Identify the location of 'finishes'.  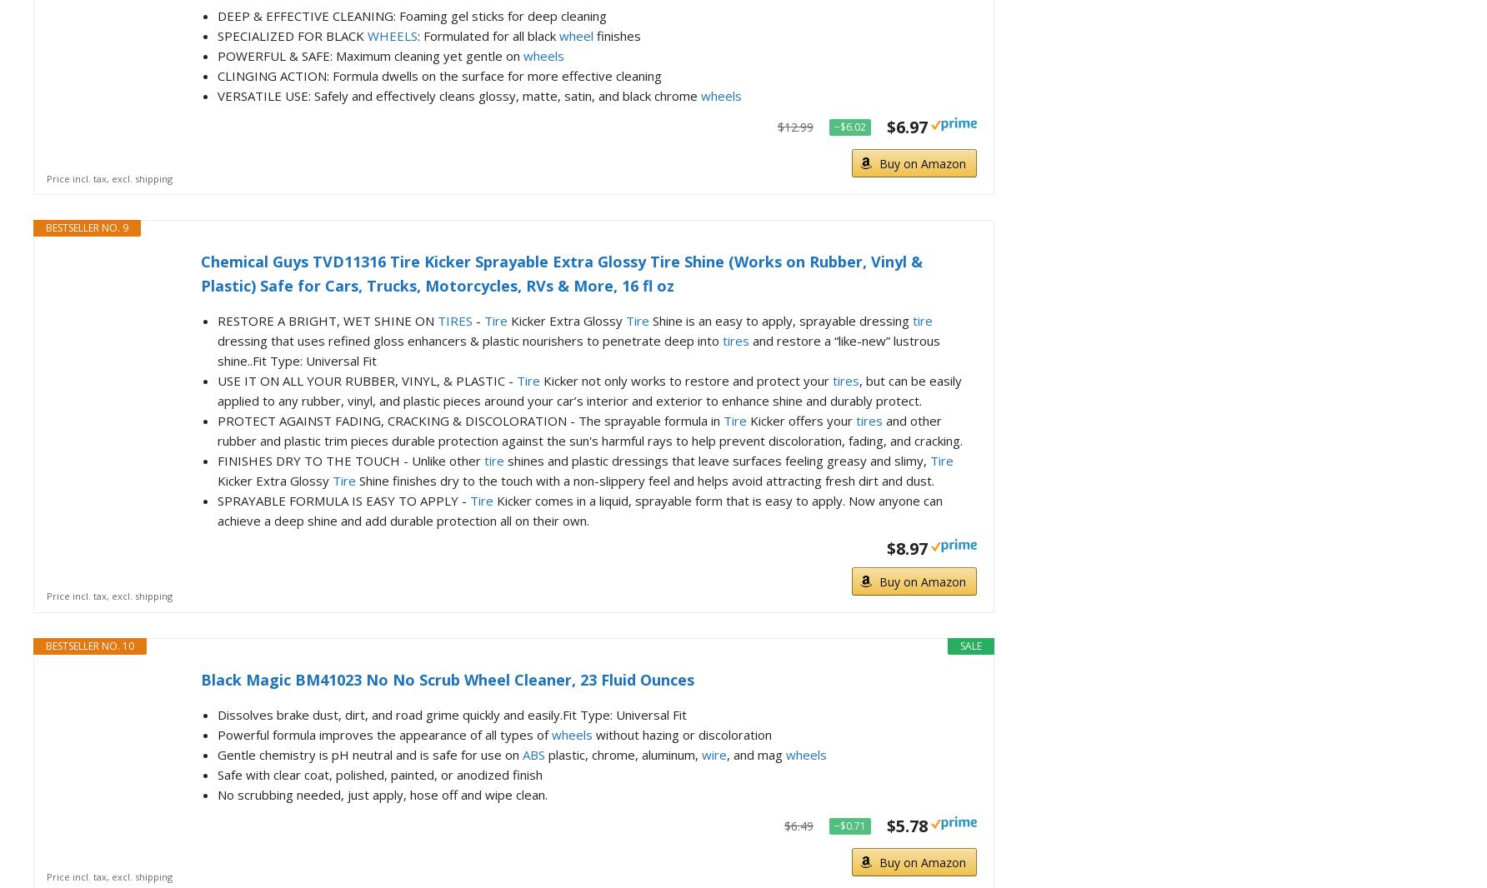
(593, 34).